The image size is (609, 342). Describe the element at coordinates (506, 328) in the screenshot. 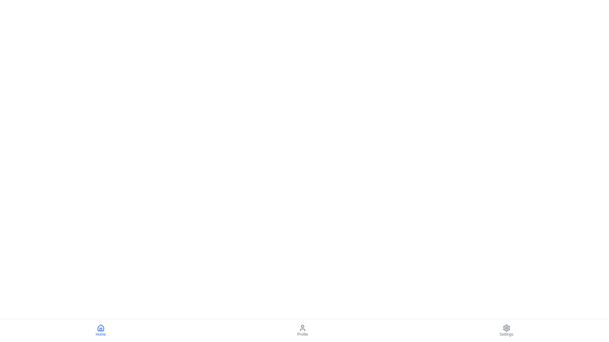

I see `the cogwheel-shaped settings icon located at the far right of the bottom navigation bar, which is the third icon to the right of the 'Profile' icon` at that location.